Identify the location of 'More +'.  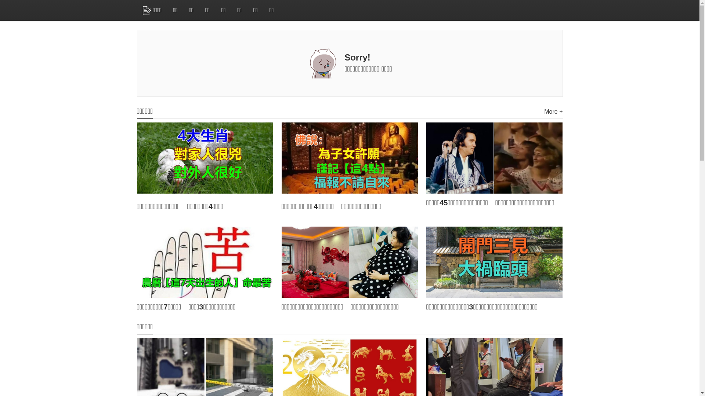
(544, 111).